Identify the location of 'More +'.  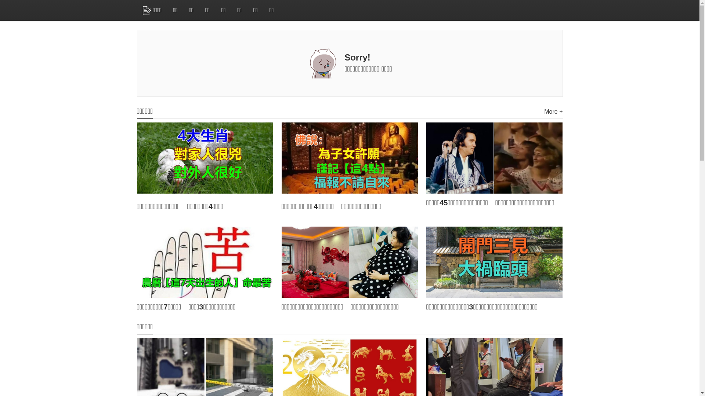
(544, 111).